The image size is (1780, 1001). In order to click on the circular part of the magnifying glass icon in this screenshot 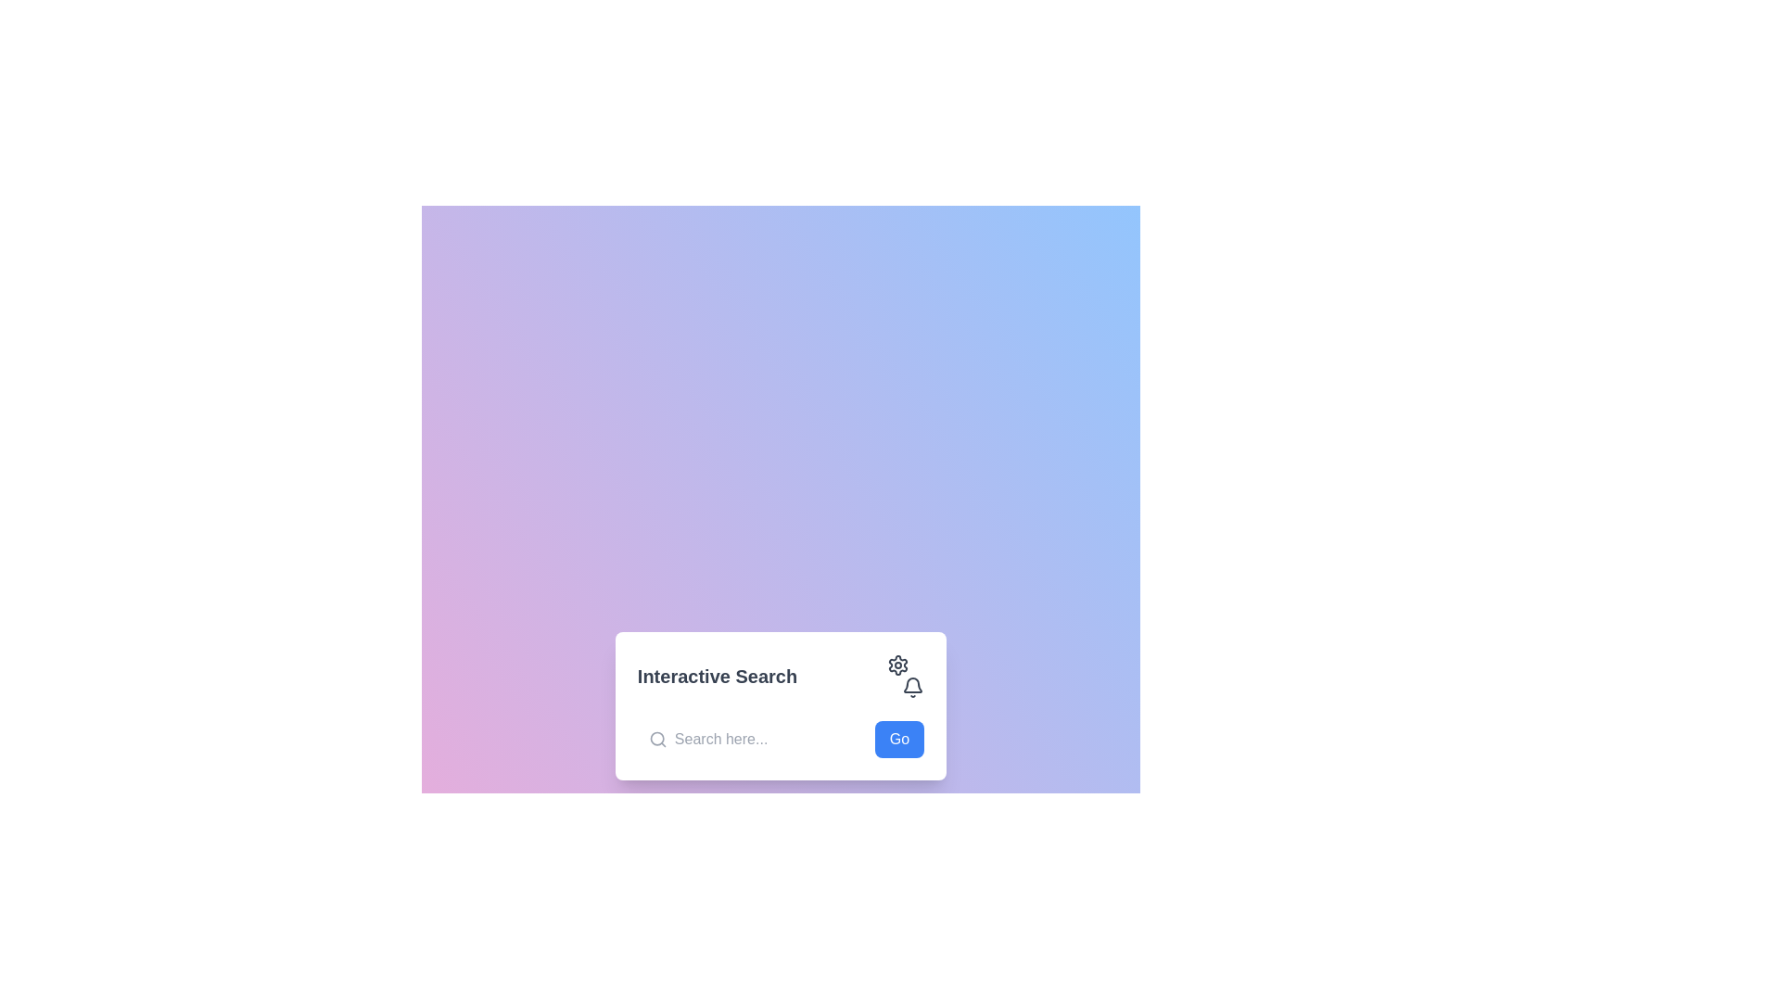, I will do `click(657, 738)`.